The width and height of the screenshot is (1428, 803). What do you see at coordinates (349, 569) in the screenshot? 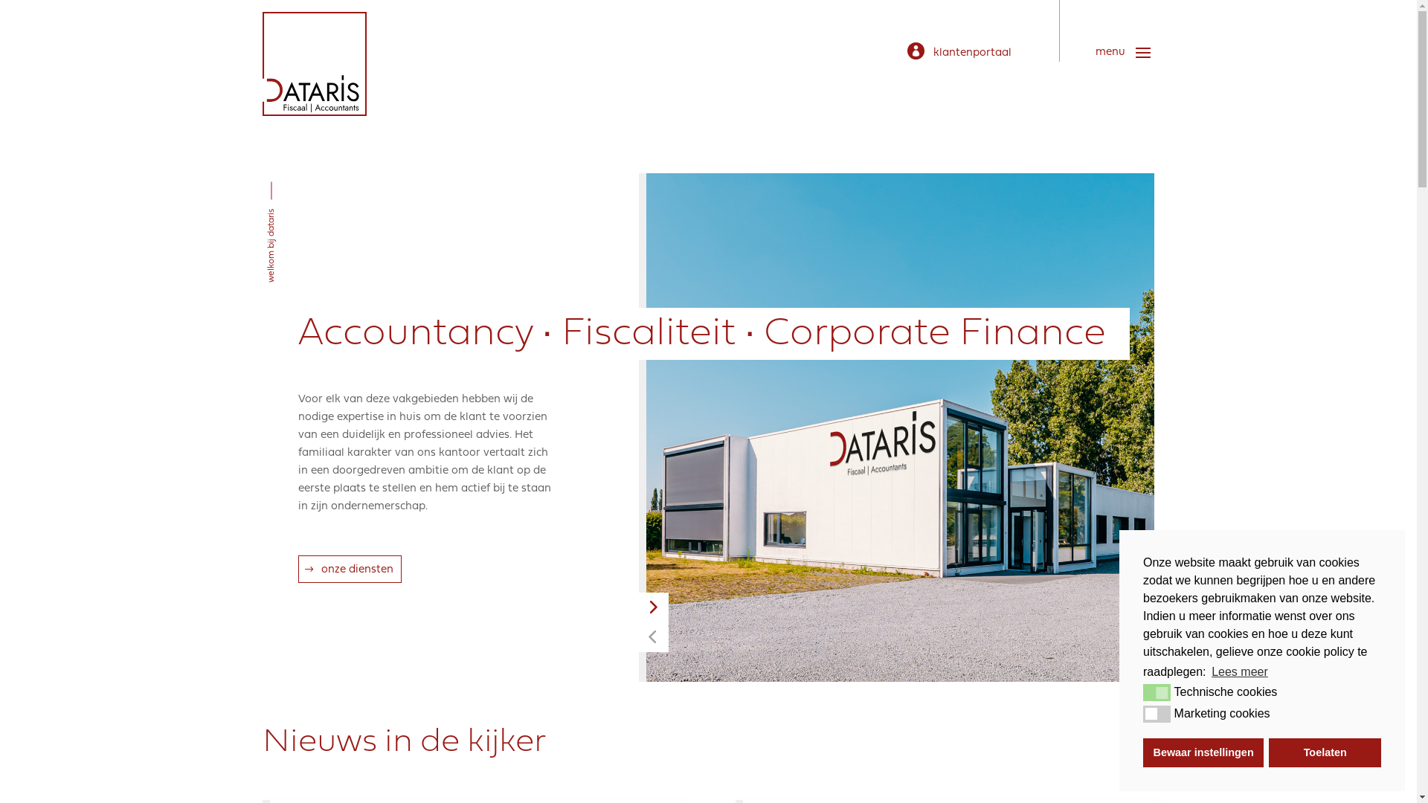
I see `'onze diensten'` at bounding box center [349, 569].